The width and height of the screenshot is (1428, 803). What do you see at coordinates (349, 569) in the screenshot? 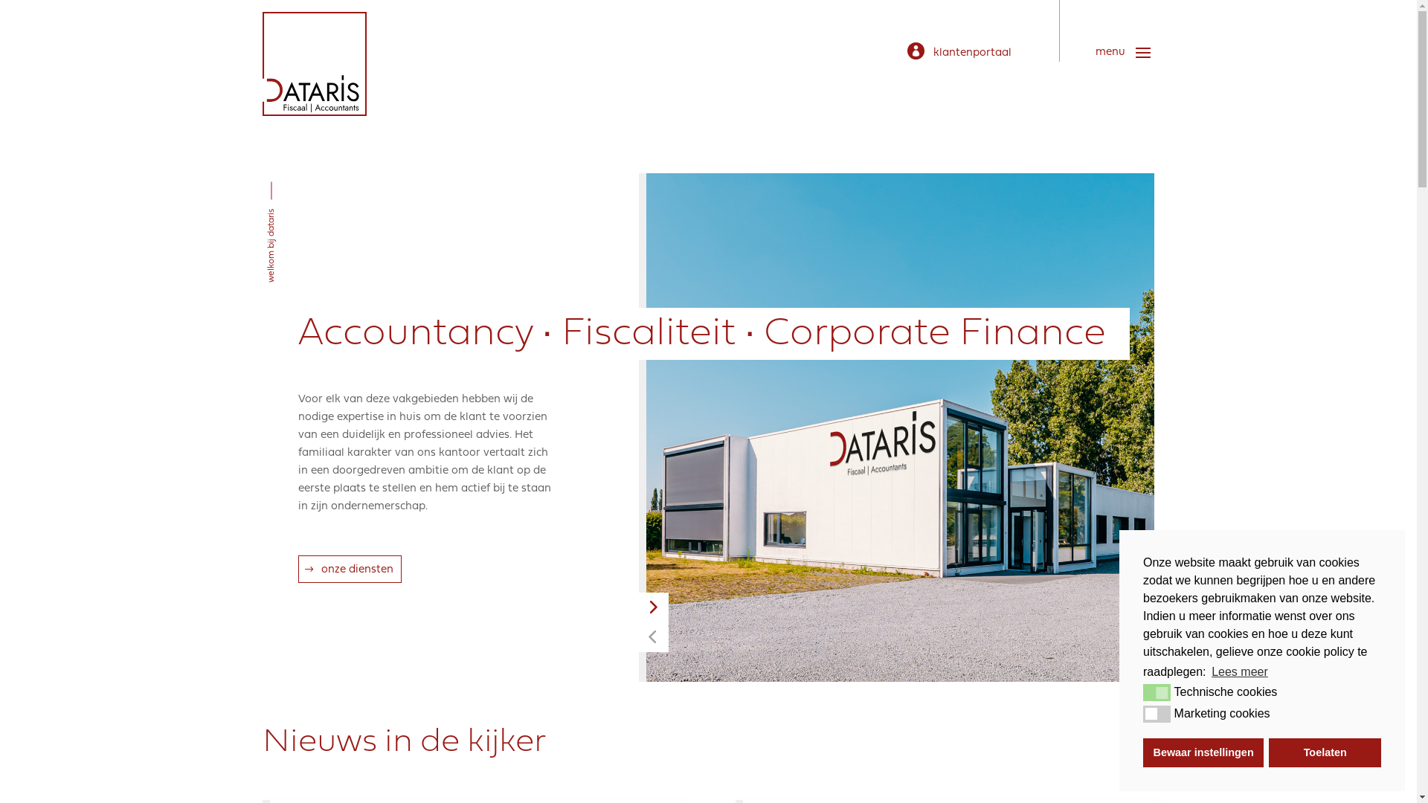
I see `'onze diensten'` at bounding box center [349, 569].